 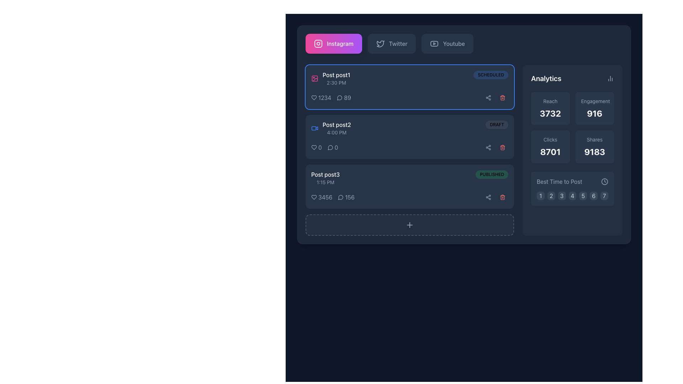 What do you see at coordinates (331, 97) in the screenshot?
I see `displayed number located in the metrics section of the first post, which is styled with light-gray text on a dark background and is positioned between a heart icon and a speech bubble icon` at bounding box center [331, 97].